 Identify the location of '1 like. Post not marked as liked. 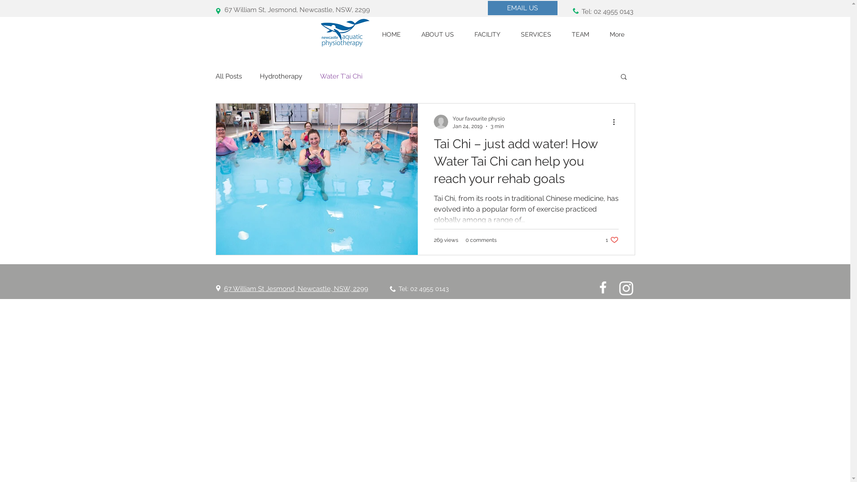
(611, 239).